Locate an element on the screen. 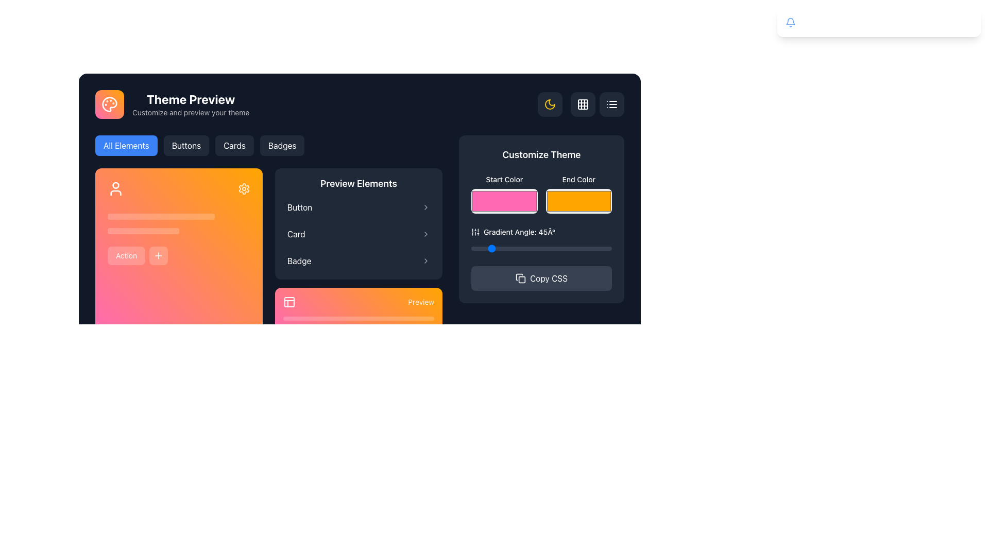 The height and width of the screenshot is (556, 989). the navigational button for 'Badges' in the upper menu bar to change its background color is located at coordinates (282, 145).